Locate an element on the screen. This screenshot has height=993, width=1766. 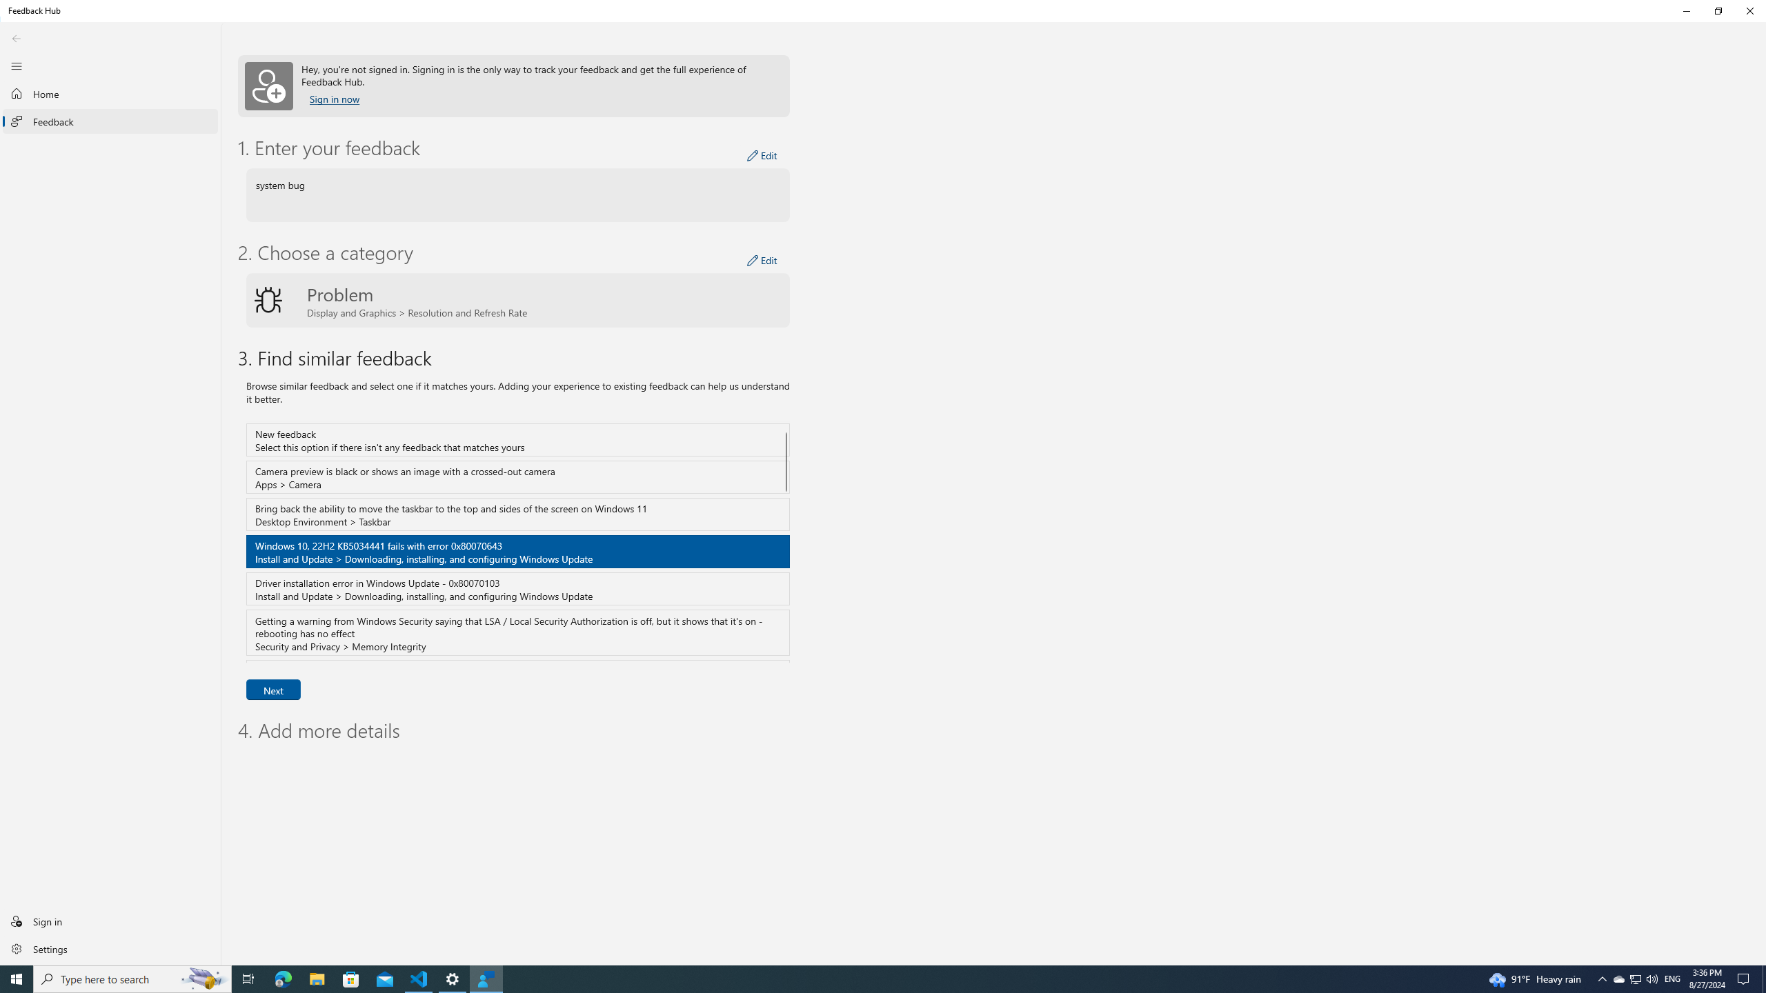
'Close Navigation' is located at coordinates (17, 66).